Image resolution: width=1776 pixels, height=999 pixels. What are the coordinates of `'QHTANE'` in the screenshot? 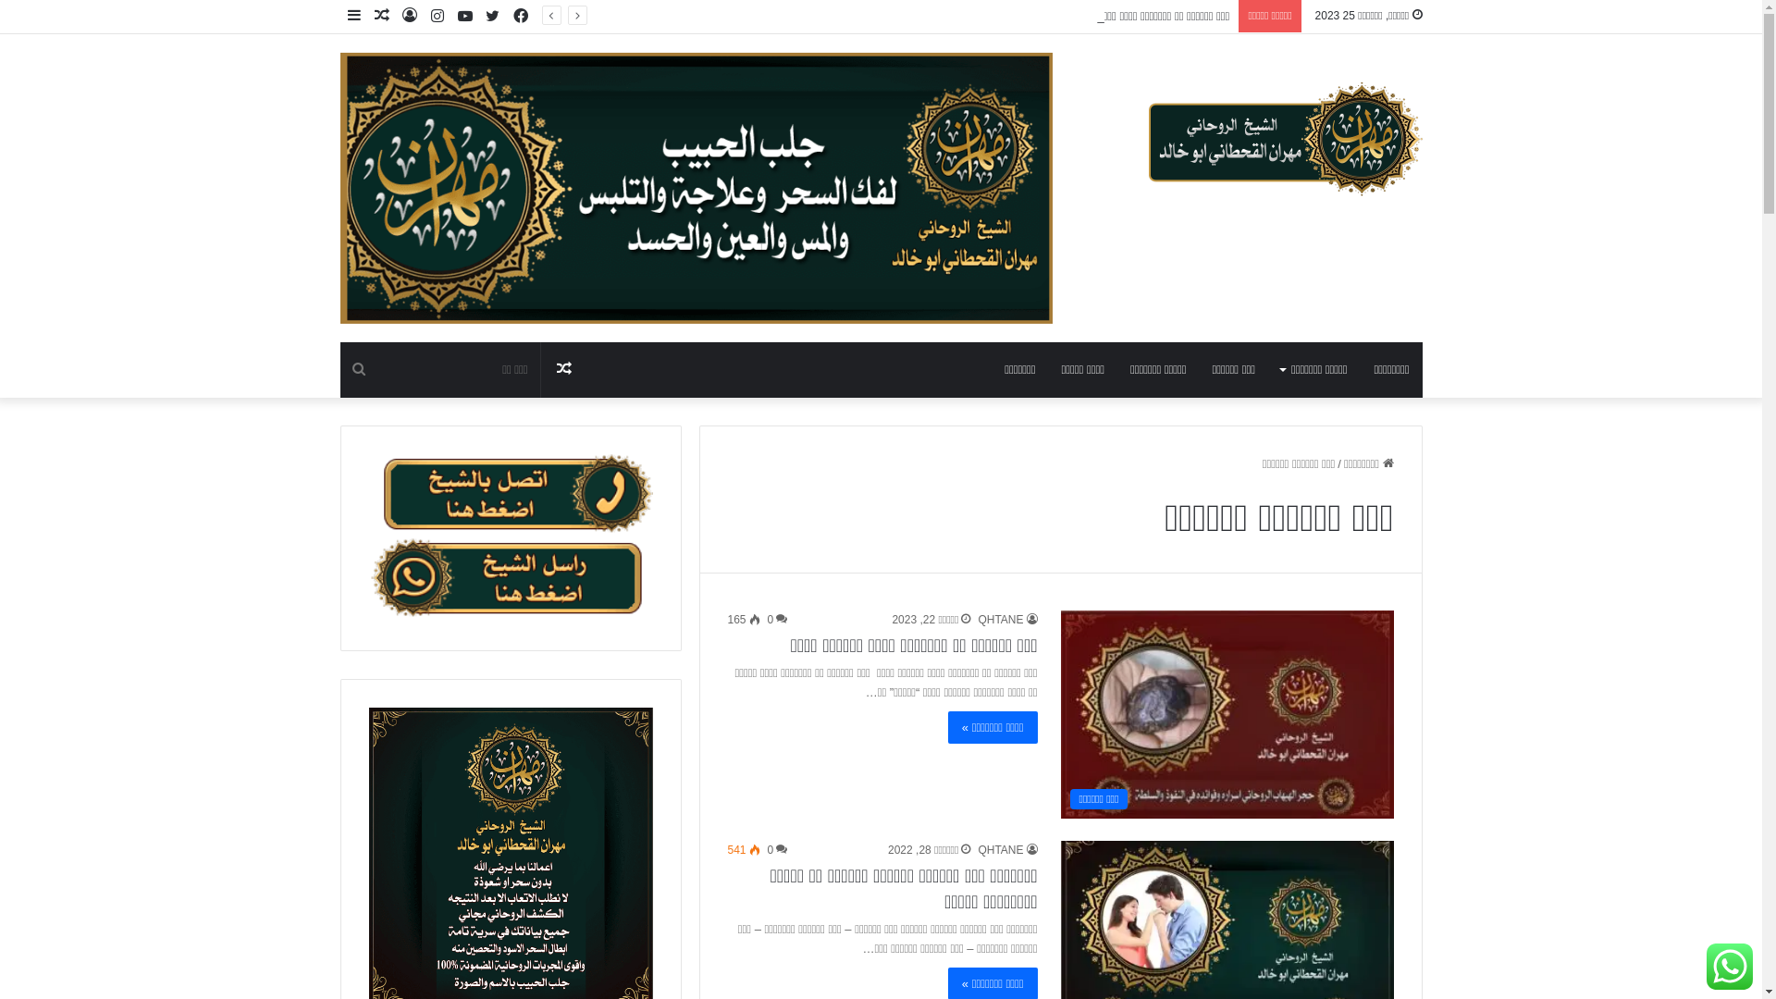 It's located at (1006, 849).